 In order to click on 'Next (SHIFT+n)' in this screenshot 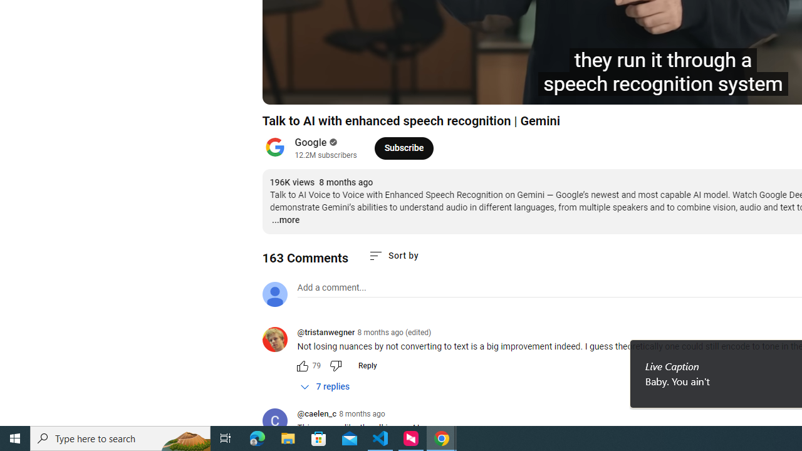, I will do `click(342, 88)`.